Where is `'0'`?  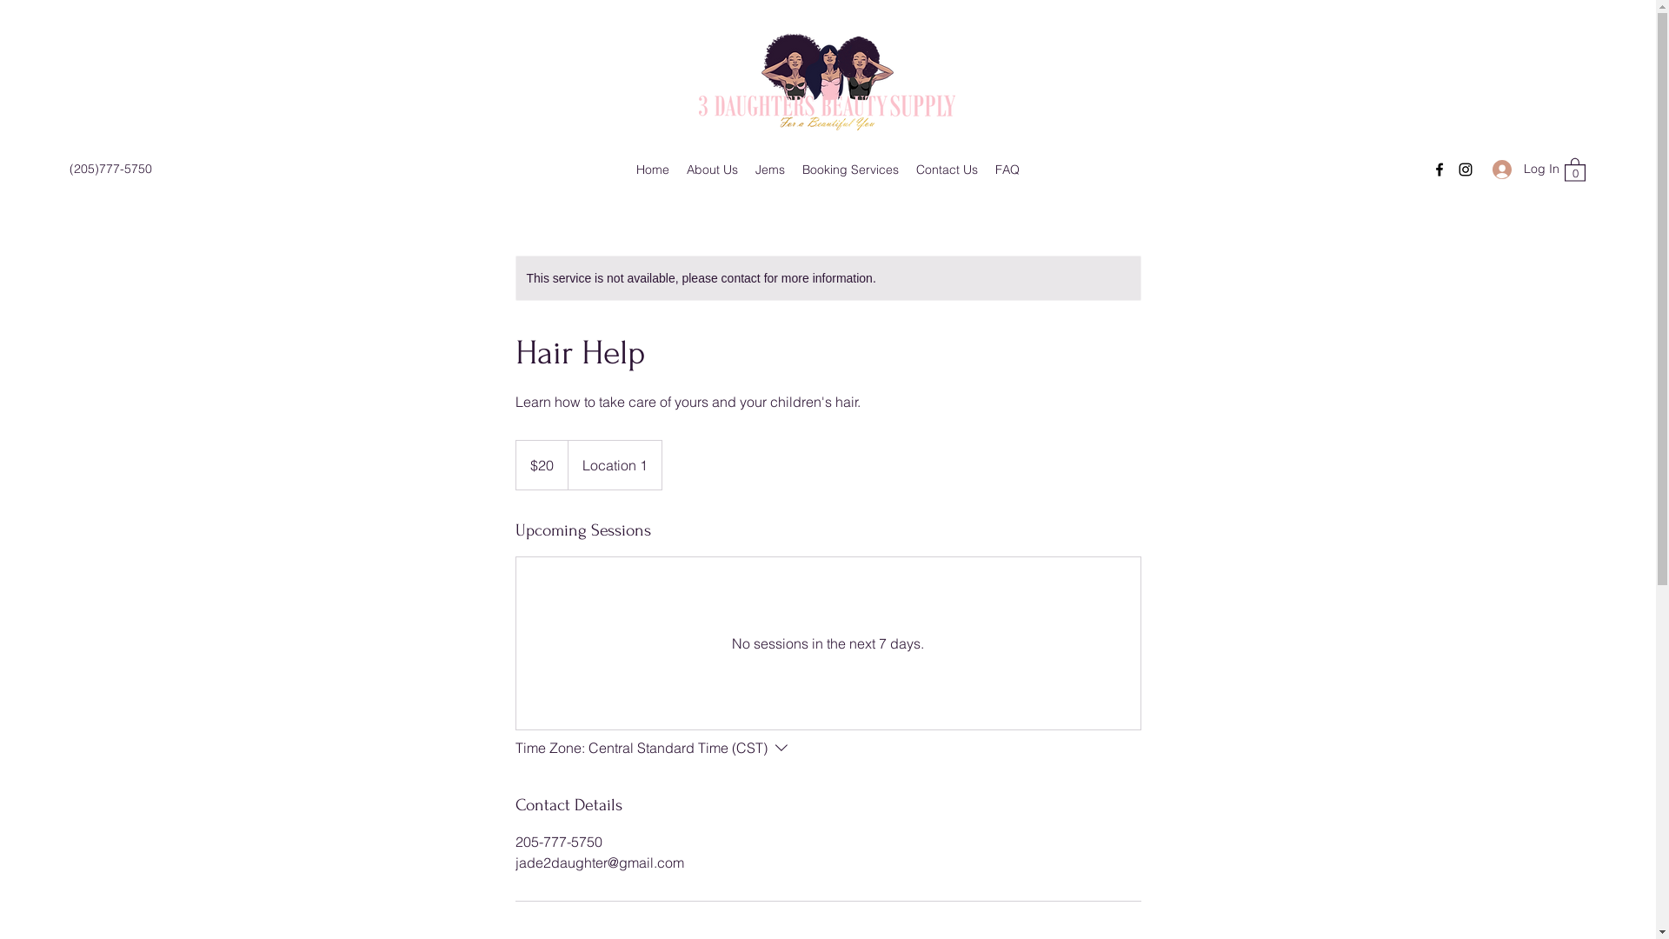 '0' is located at coordinates (1574, 169).